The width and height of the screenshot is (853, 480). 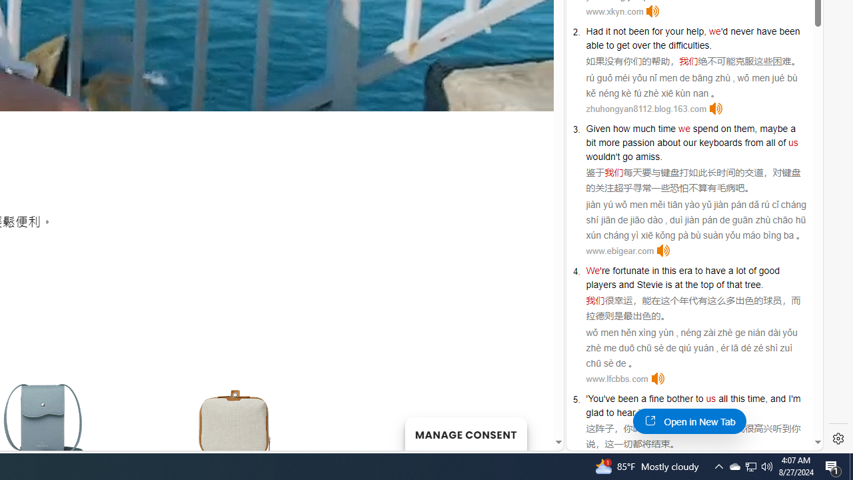 I want to click on 'www.ebigear.com', so click(x=619, y=251).